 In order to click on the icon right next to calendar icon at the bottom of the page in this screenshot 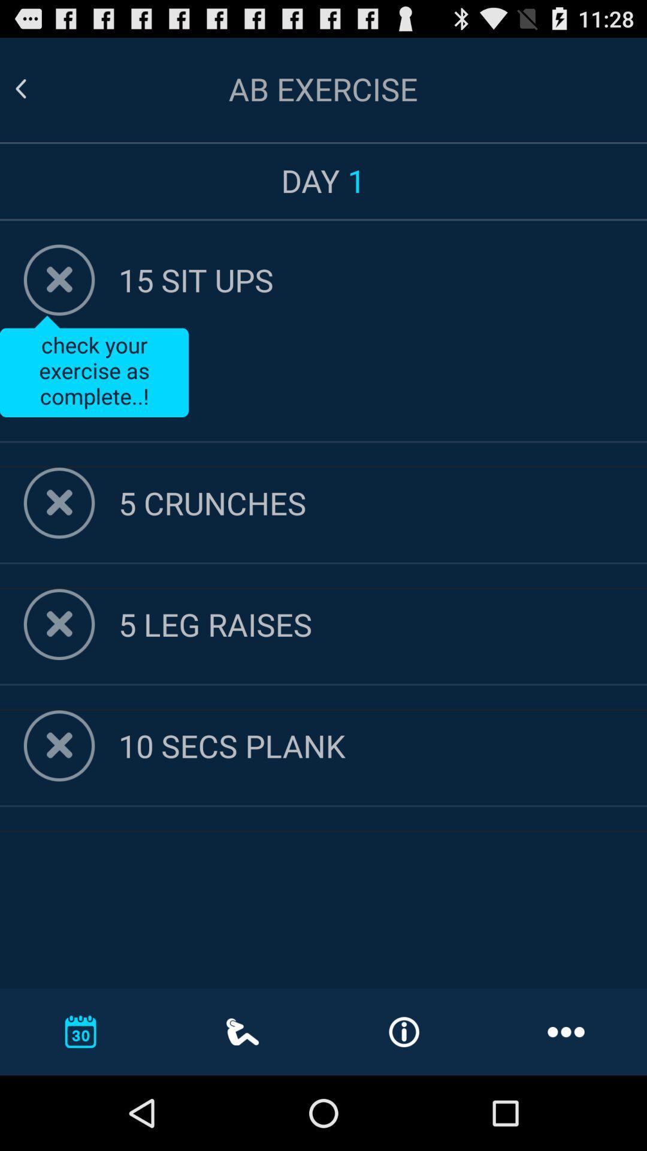, I will do `click(243, 1031)`.